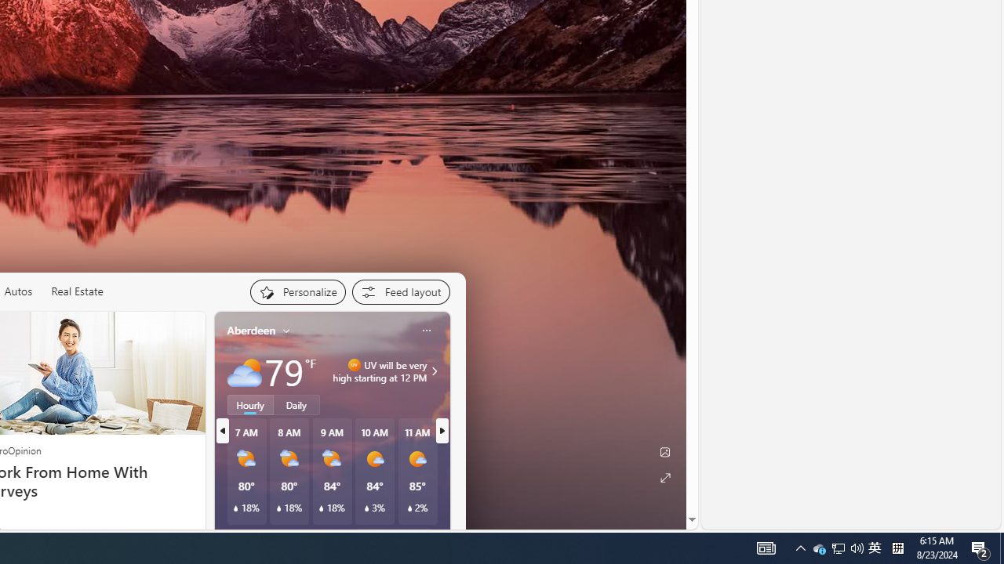  Describe the element at coordinates (251, 330) in the screenshot. I see `'Aberdeen'` at that location.